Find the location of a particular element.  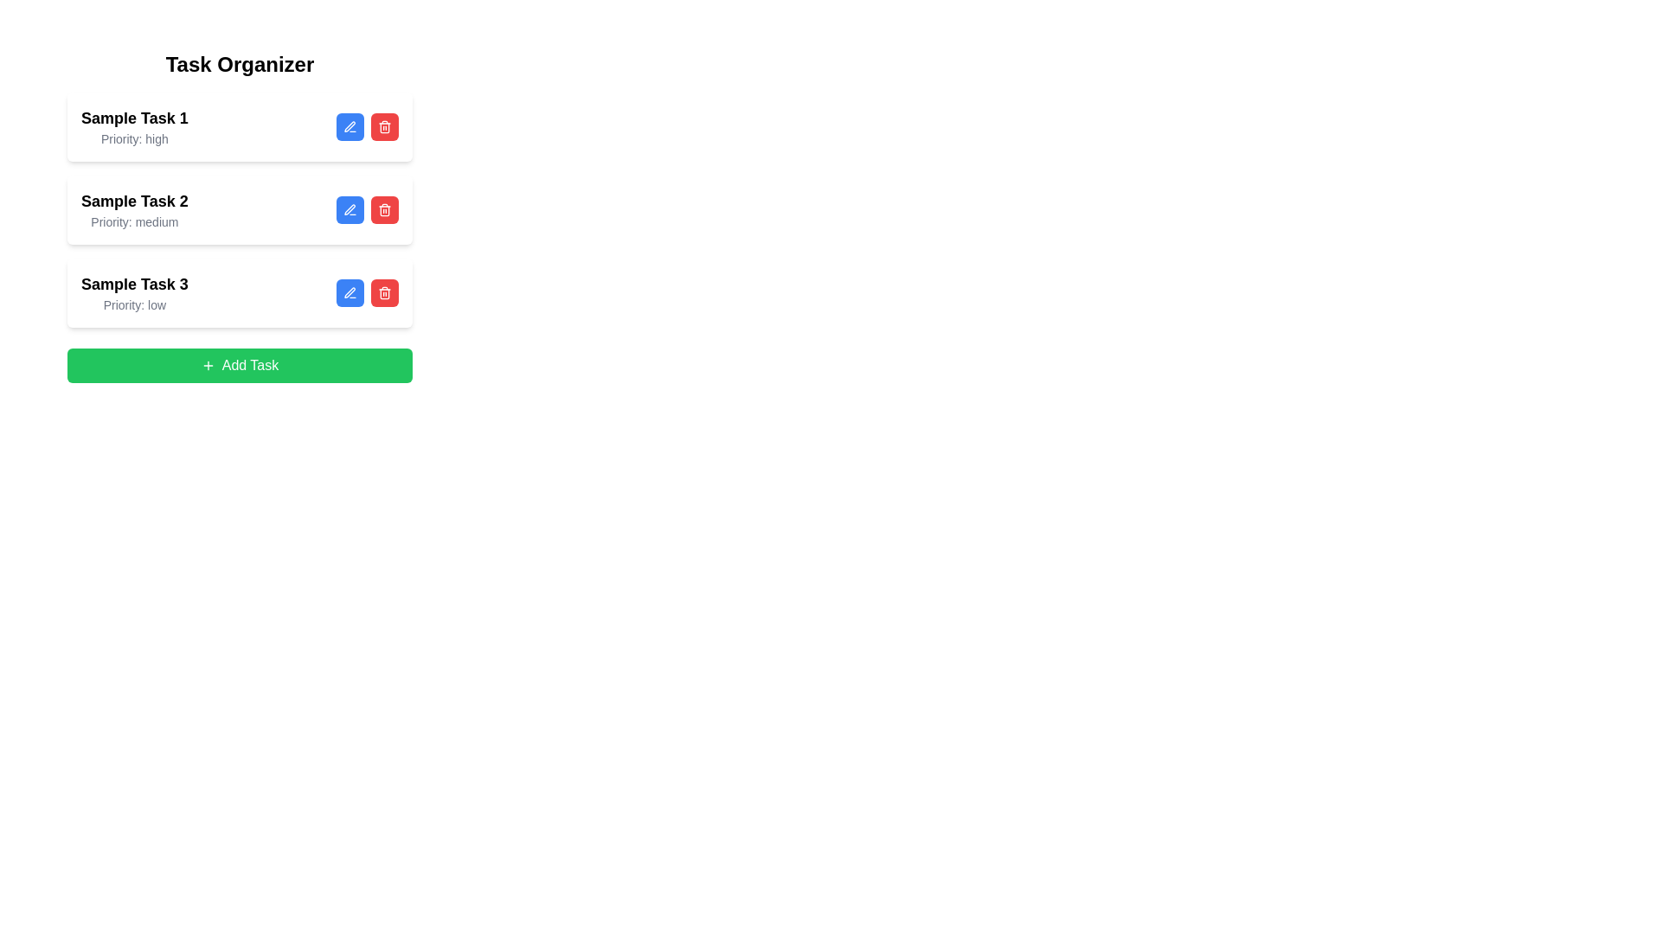

the '+' icon inside the green 'Add Task' button is located at coordinates (208, 365).